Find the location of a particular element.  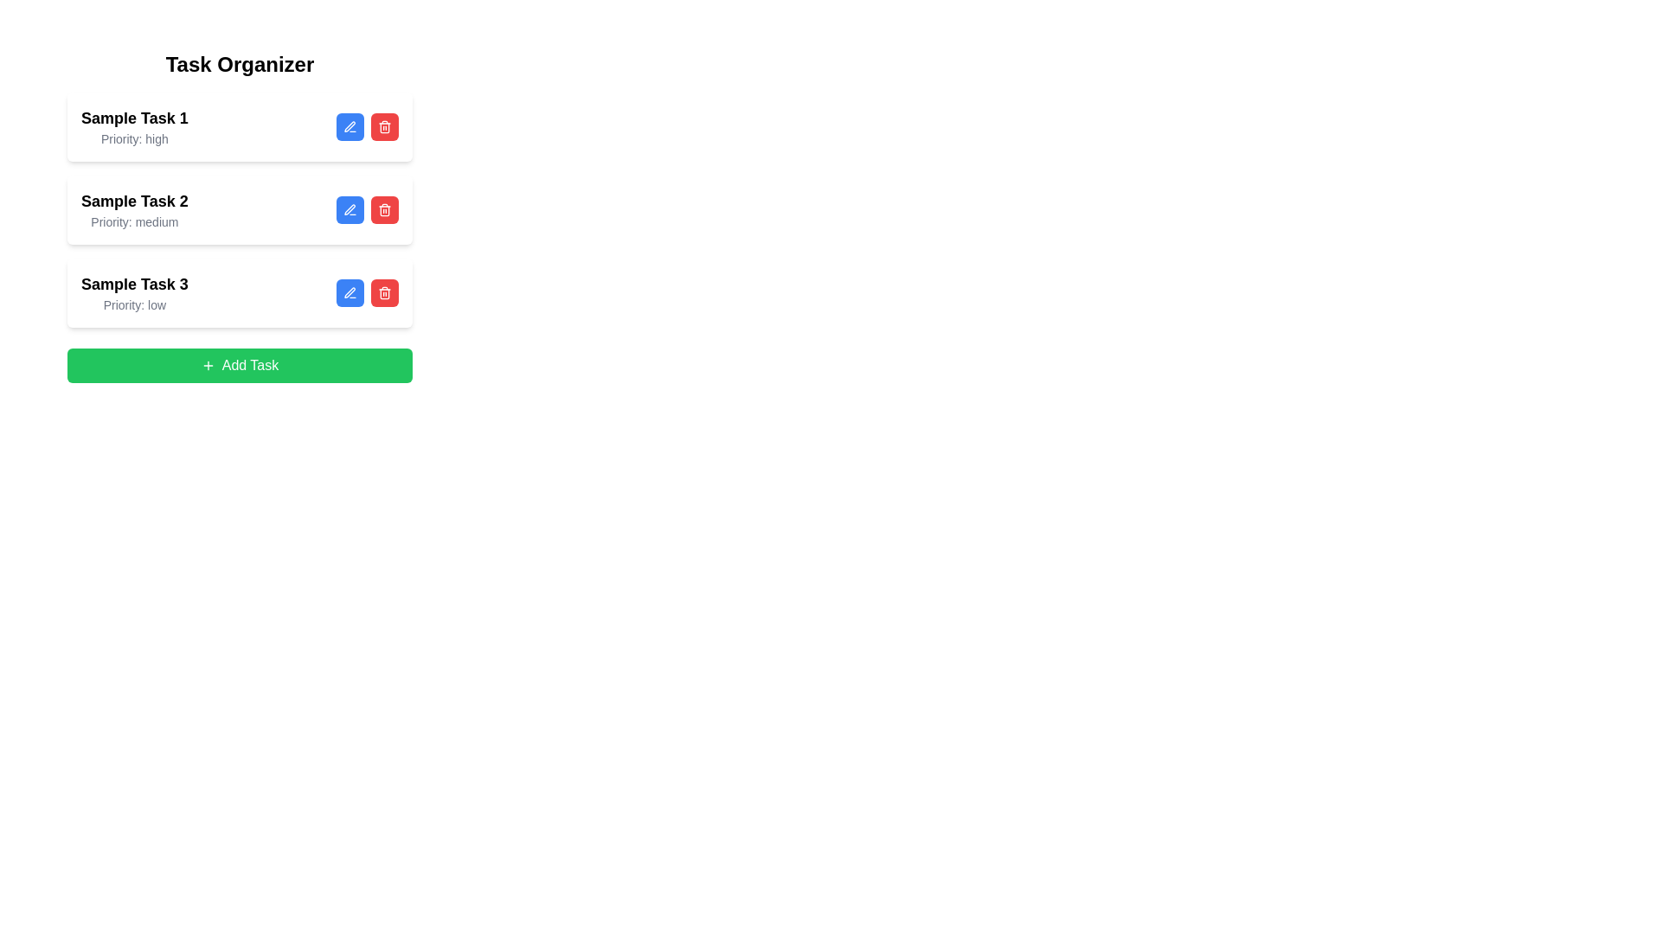

the '+' icon inside the green 'Add Task' button is located at coordinates (208, 365).